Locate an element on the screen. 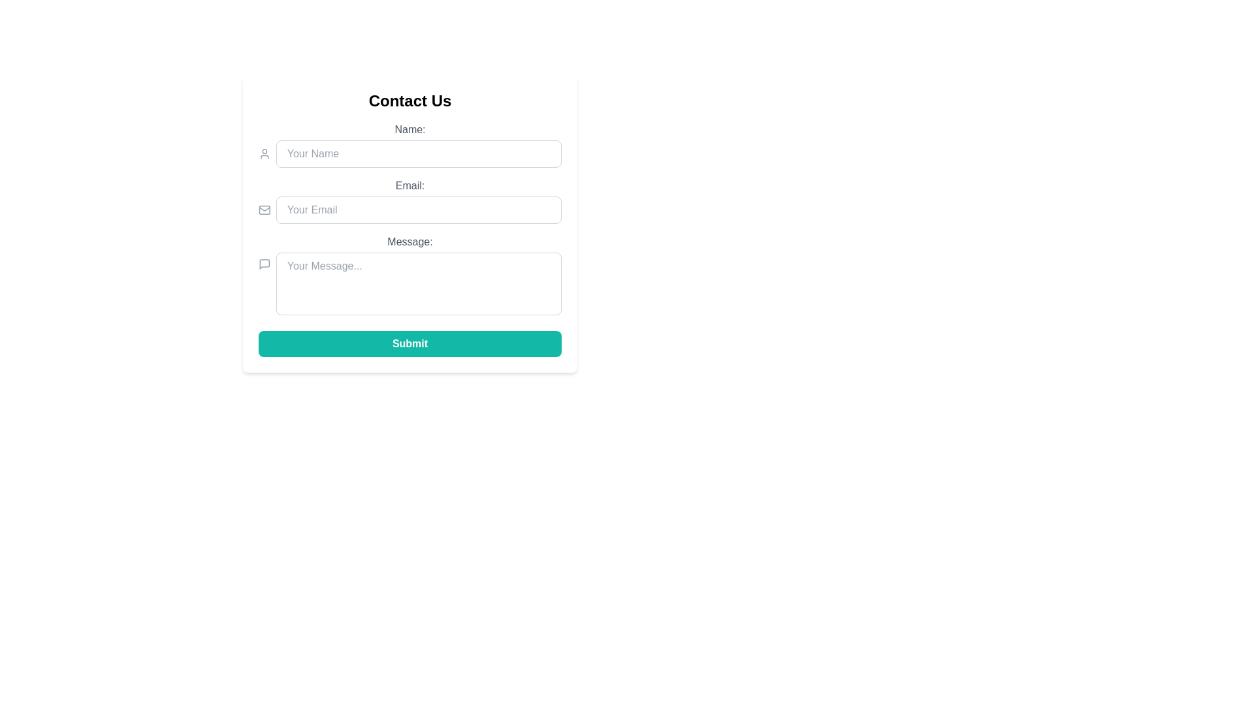 The image size is (1254, 705). the decorative icon located to the left of the 'Your Name' input field in the contact form layout is located at coordinates (264, 153).